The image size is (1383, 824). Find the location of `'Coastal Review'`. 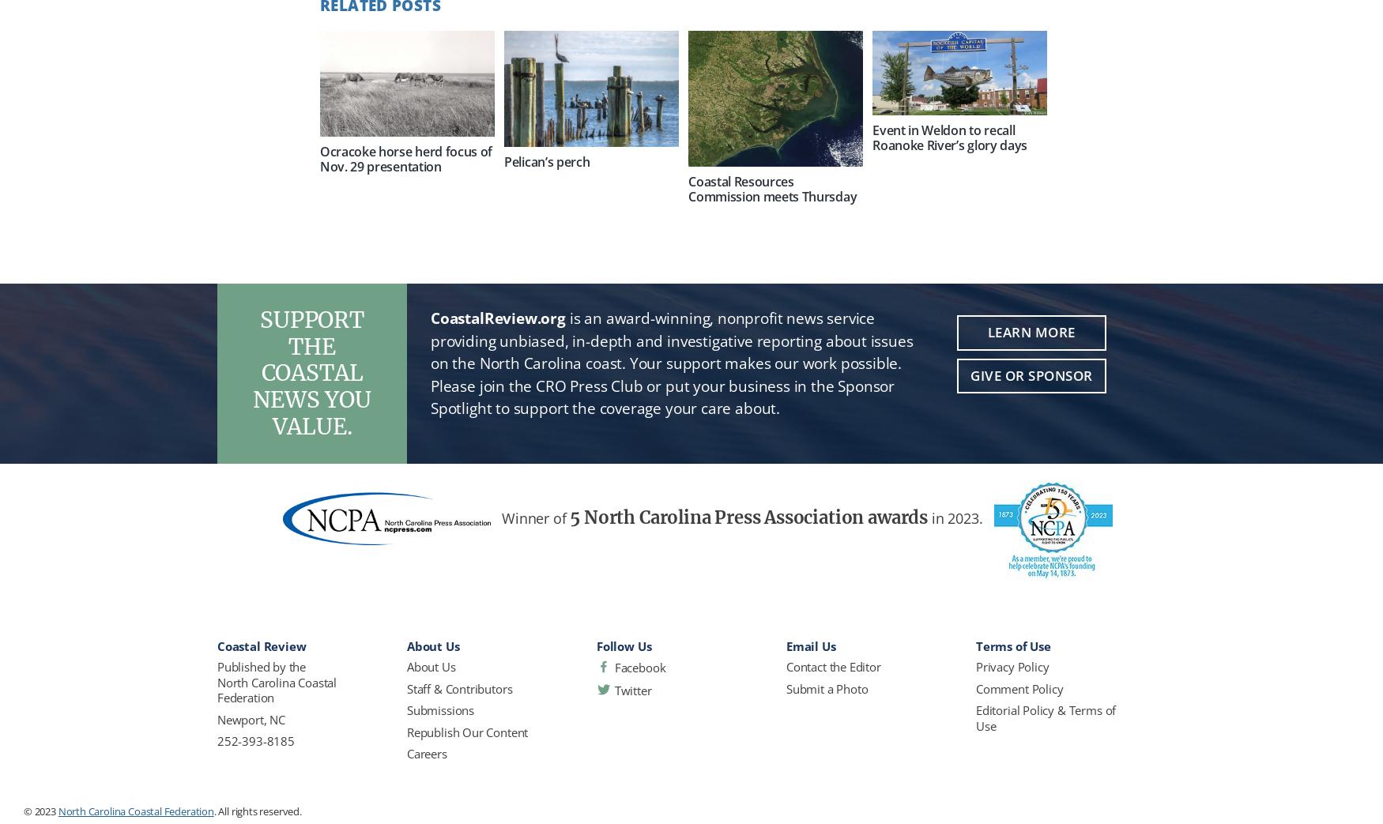

'Coastal Review' is located at coordinates (261, 645).